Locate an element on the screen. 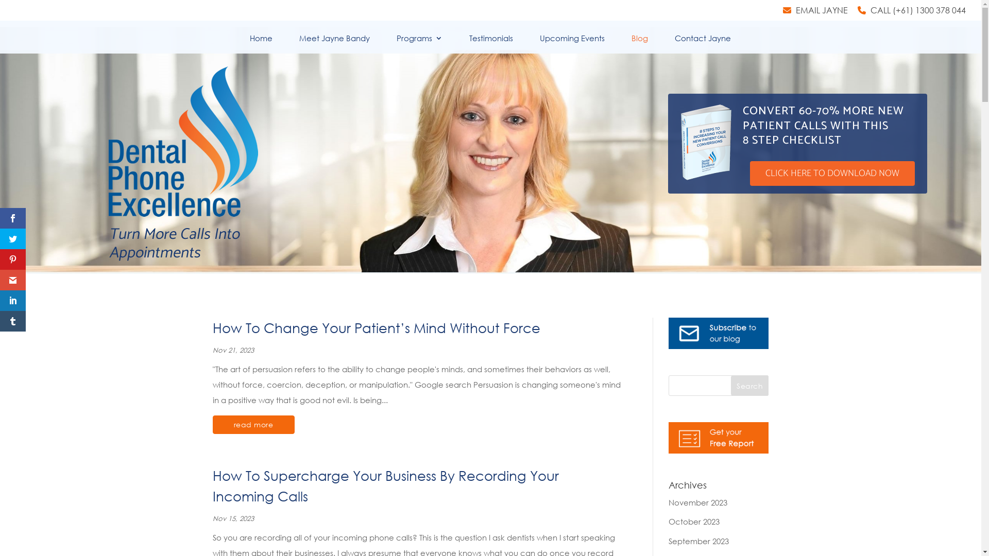 The width and height of the screenshot is (989, 556). 'Home' is located at coordinates (260, 43).